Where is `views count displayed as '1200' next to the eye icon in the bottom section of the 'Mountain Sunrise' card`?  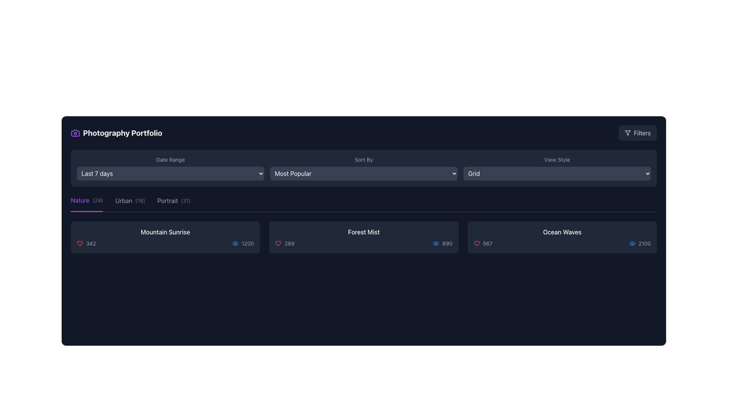
views count displayed as '1200' next to the eye icon in the bottom section of the 'Mountain Sunrise' card is located at coordinates (243, 243).